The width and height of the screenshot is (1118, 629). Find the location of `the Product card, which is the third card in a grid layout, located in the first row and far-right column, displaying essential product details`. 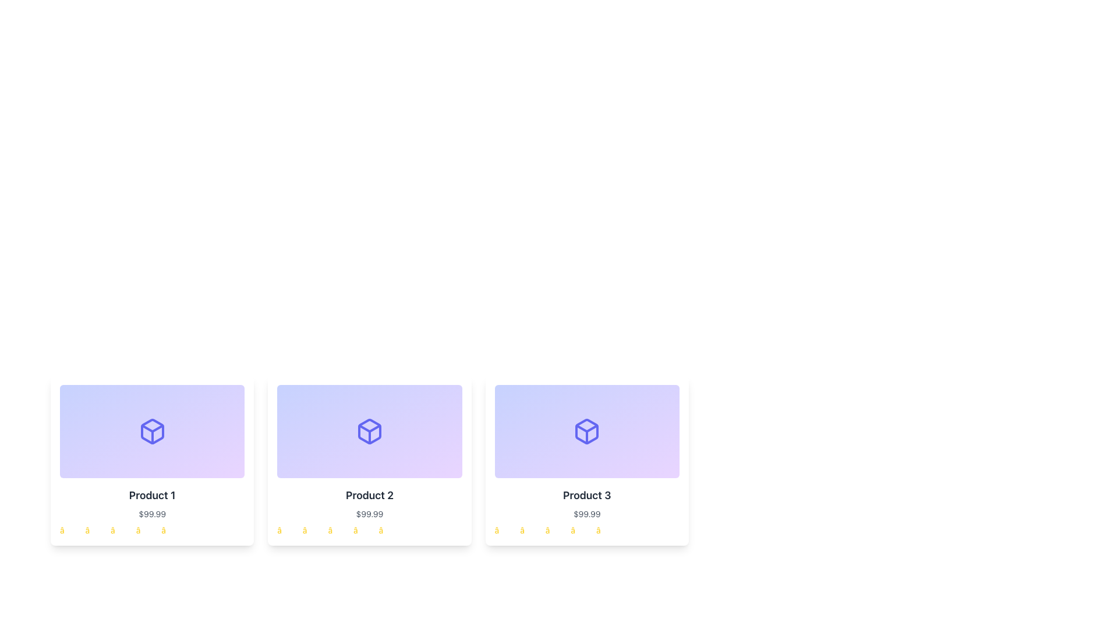

the Product card, which is the third card in a grid layout, located in the first row and far-right column, displaying essential product details is located at coordinates (587, 460).